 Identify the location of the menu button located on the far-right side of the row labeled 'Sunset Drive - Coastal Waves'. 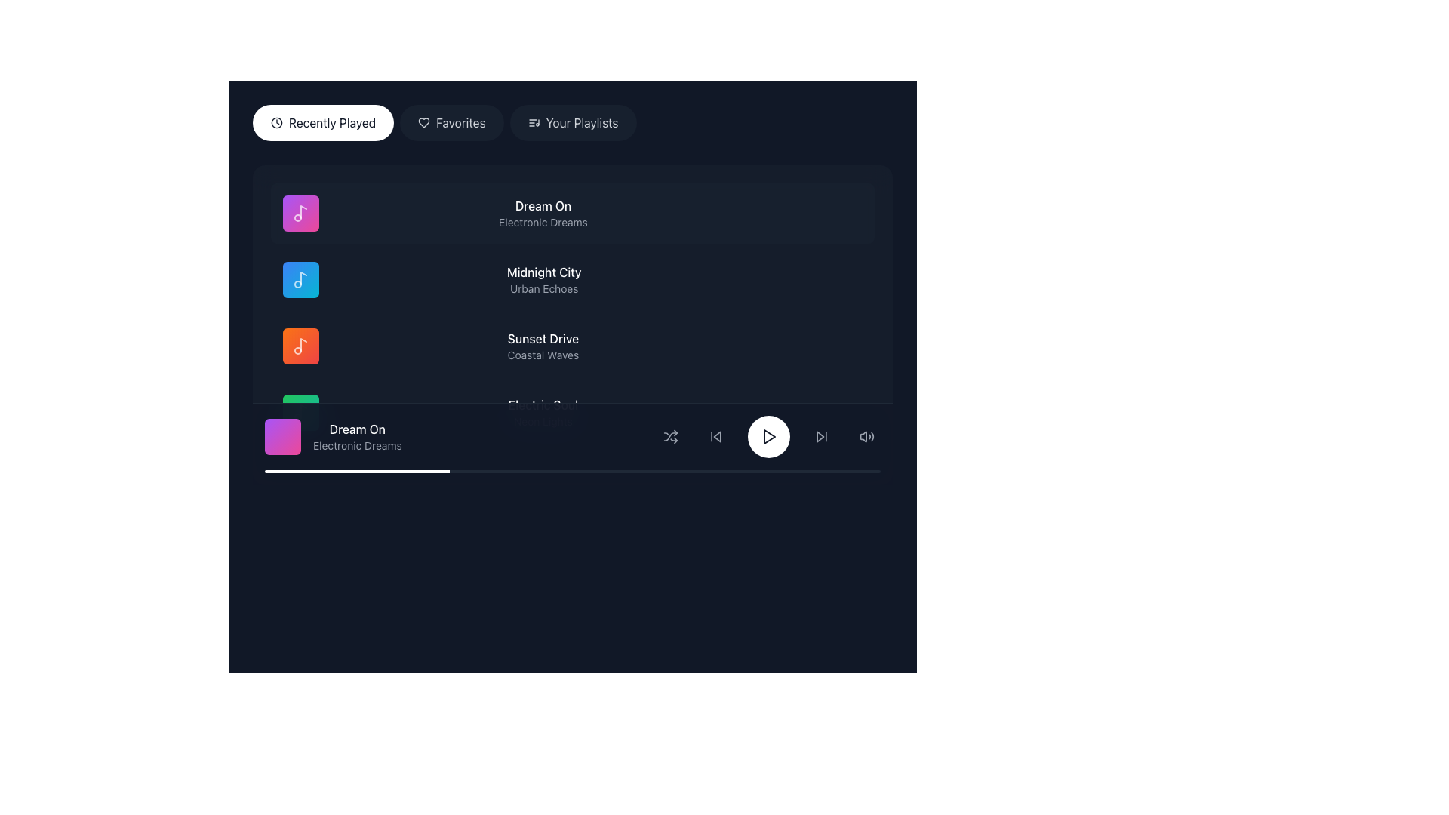
(851, 346).